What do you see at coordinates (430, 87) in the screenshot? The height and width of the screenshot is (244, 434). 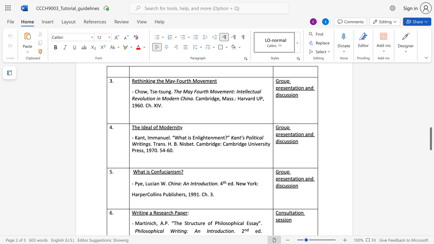 I see `the scrollbar` at bounding box center [430, 87].